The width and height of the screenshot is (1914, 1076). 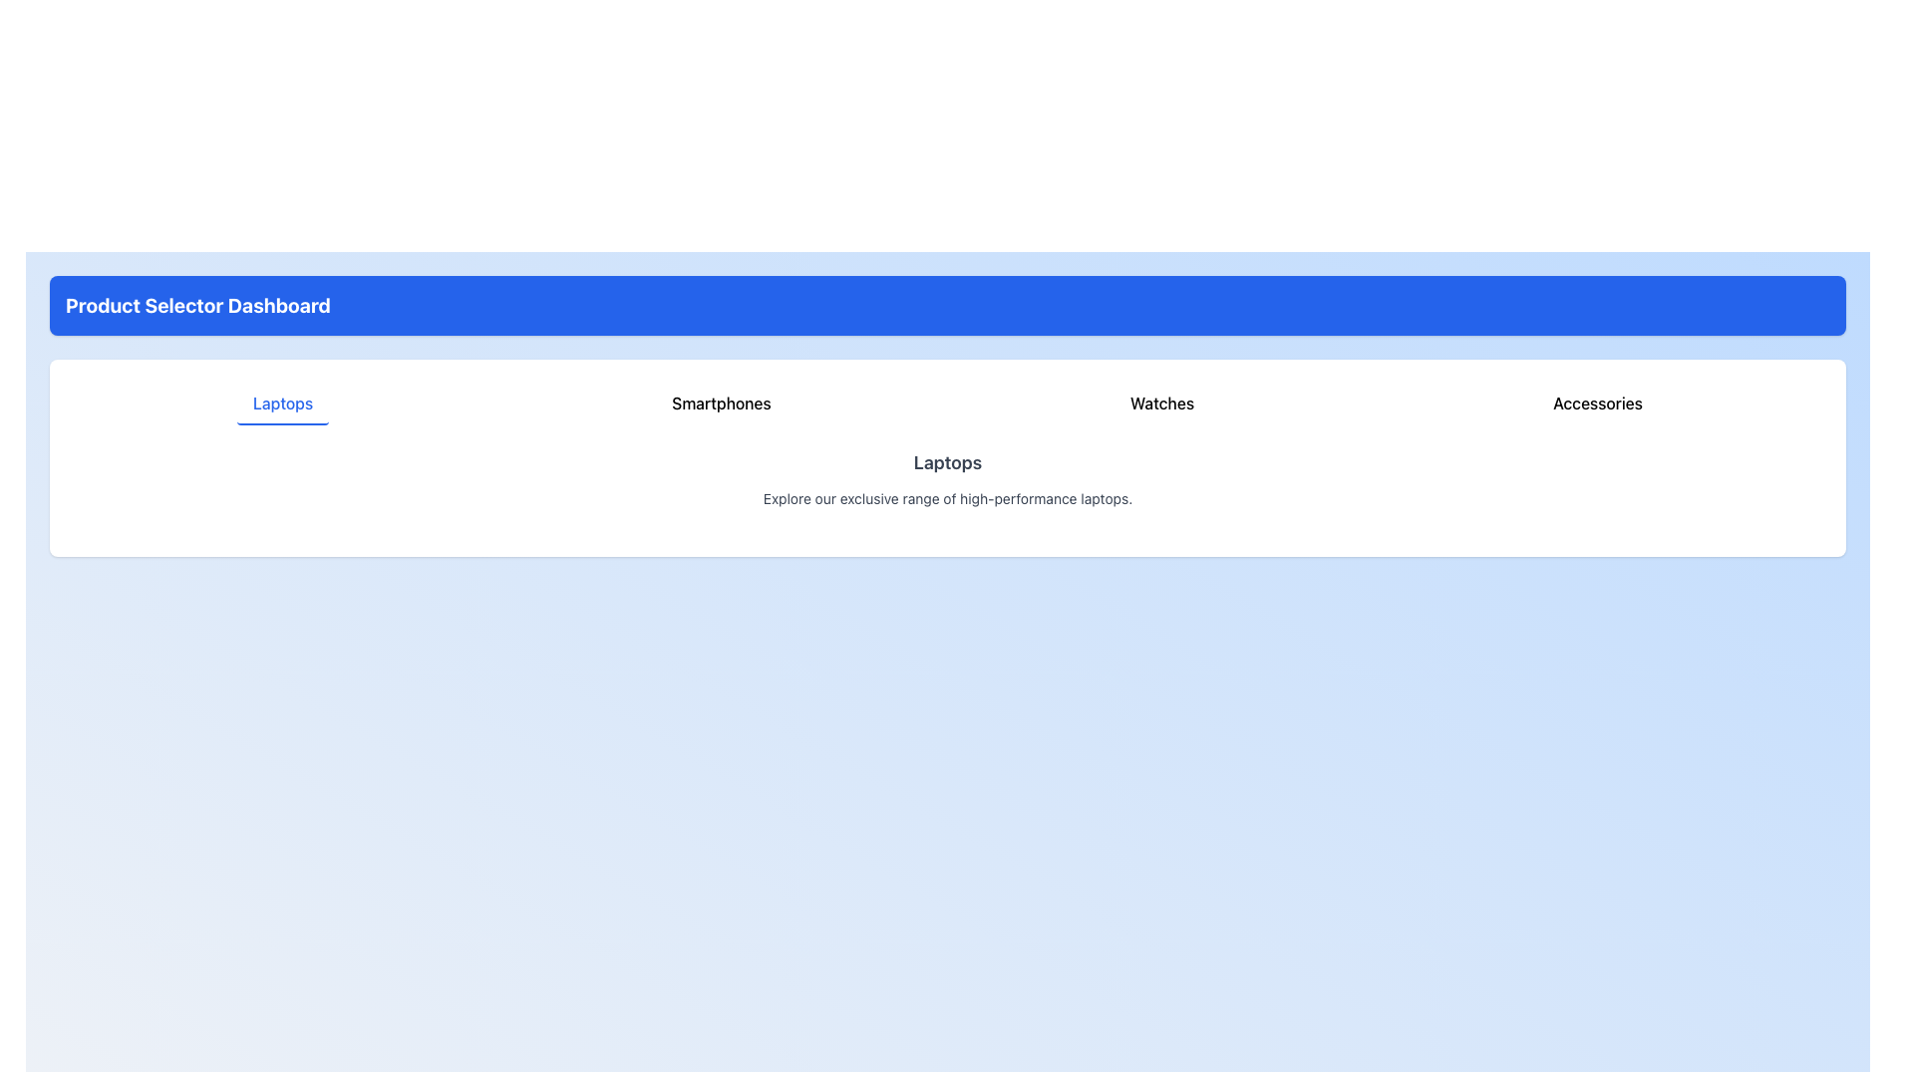 I want to click on the 'Smartphones' text link in the horizontal navigation menu, so click(x=721, y=403).